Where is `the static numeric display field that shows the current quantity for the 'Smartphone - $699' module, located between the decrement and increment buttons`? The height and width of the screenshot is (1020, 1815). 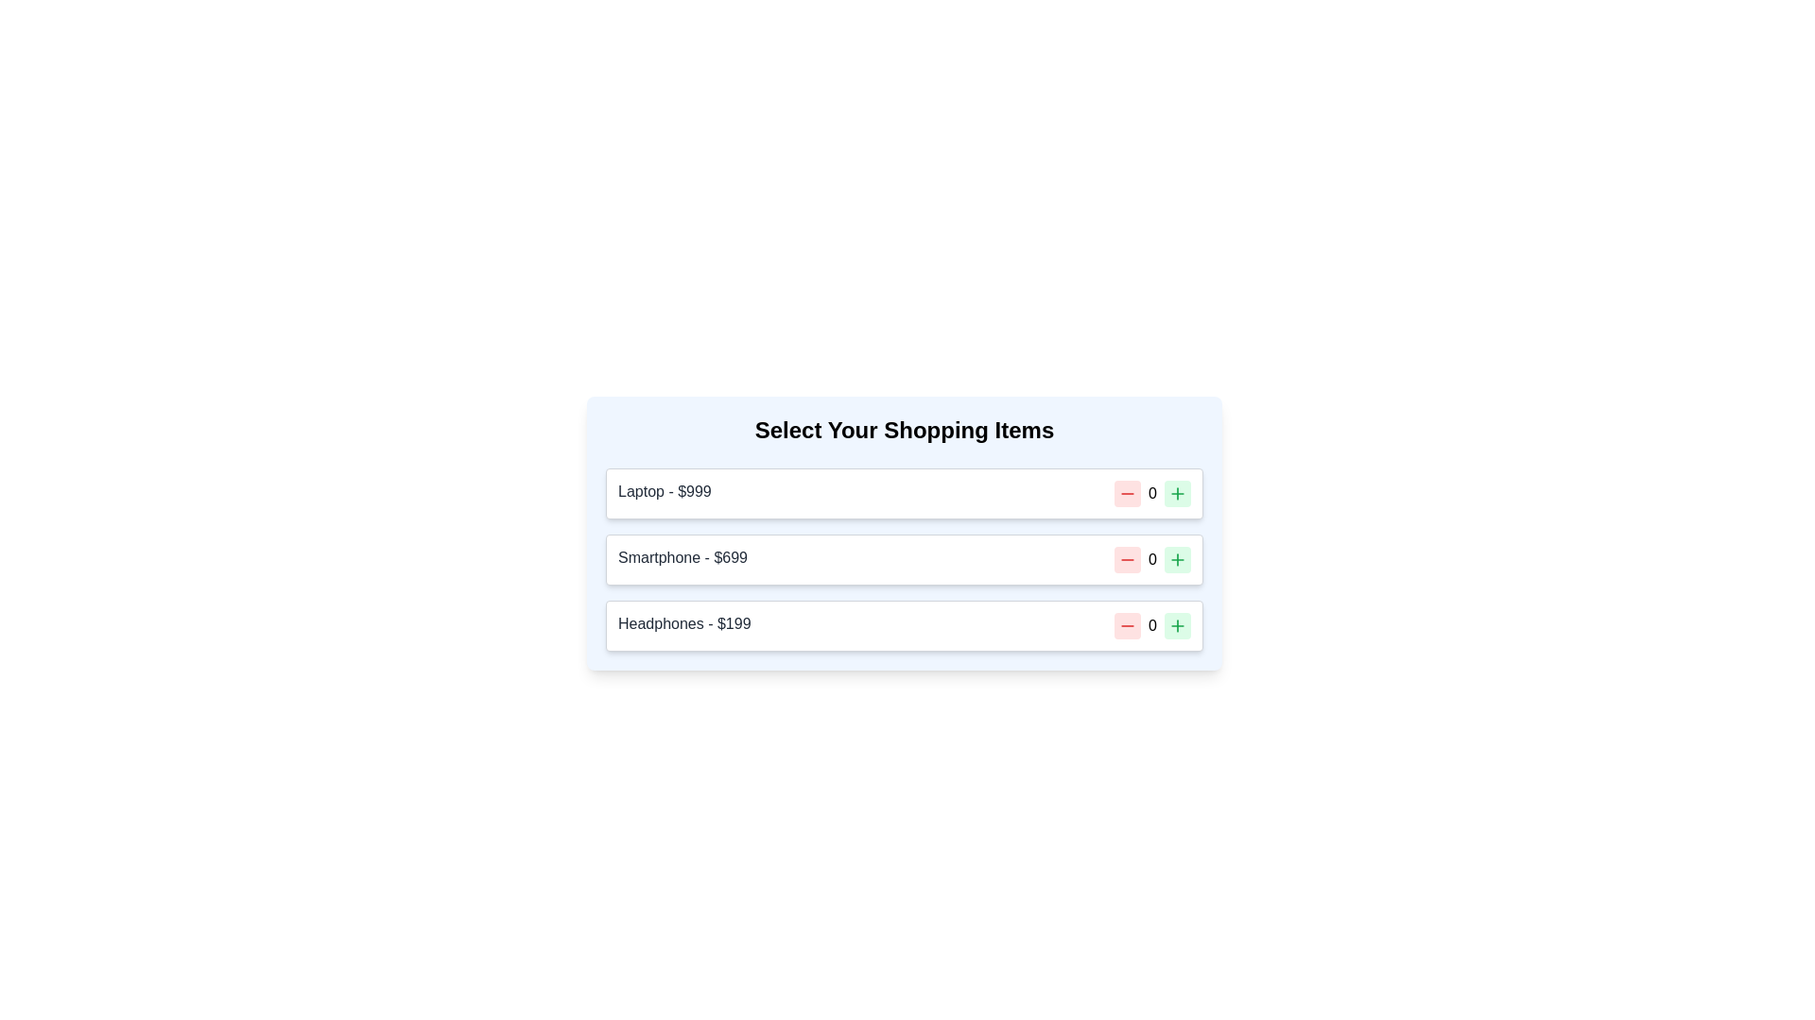 the static numeric display field that shows the current quantity for the 'Smartphone - $699' module, located between the decrement and increment buttons is located at coordinates (1151, 559).